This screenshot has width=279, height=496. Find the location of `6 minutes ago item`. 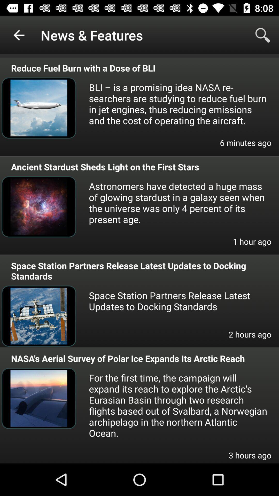

6 minutes ago item is located at coordinates (245, 146).